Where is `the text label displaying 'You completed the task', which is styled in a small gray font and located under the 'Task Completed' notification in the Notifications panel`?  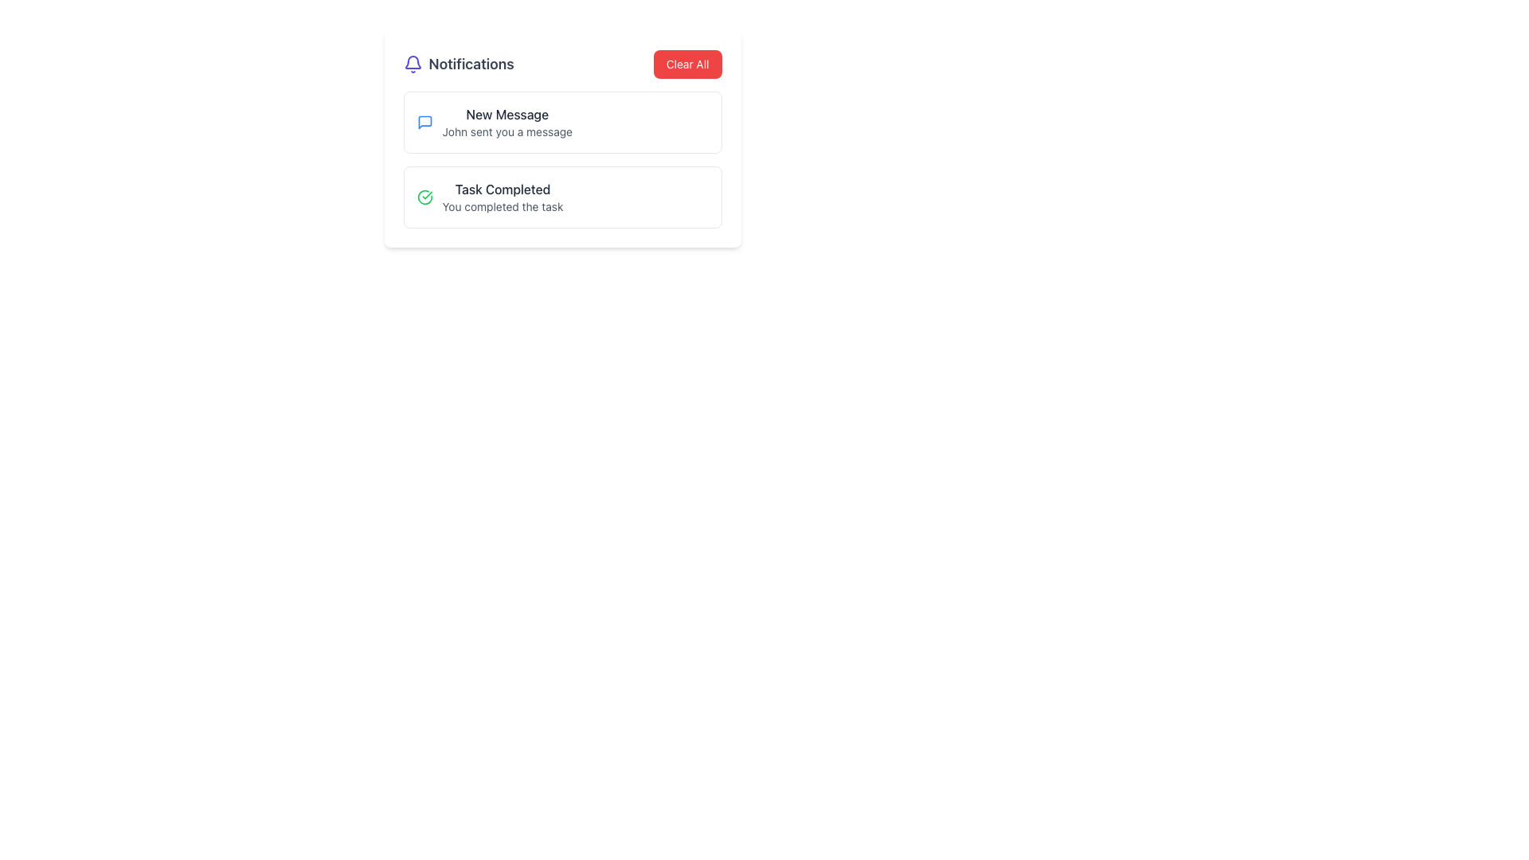 the text label displaying 'You completed the task', which is styled in a small gray font and located under the 'Task Completed' notification in the Notifications panel is located at coordinates (502, 205).